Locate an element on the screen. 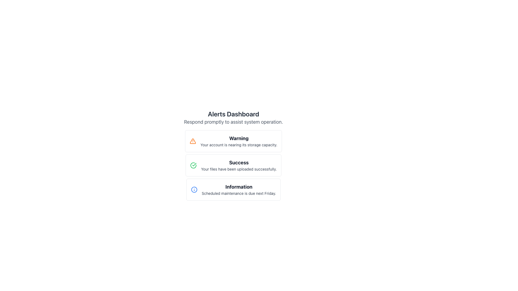 The image size is (518, 291). the circular information icon with a blue outline located on the left side of the 'Information' section in the alerts list is located at coordinates (194, 189).